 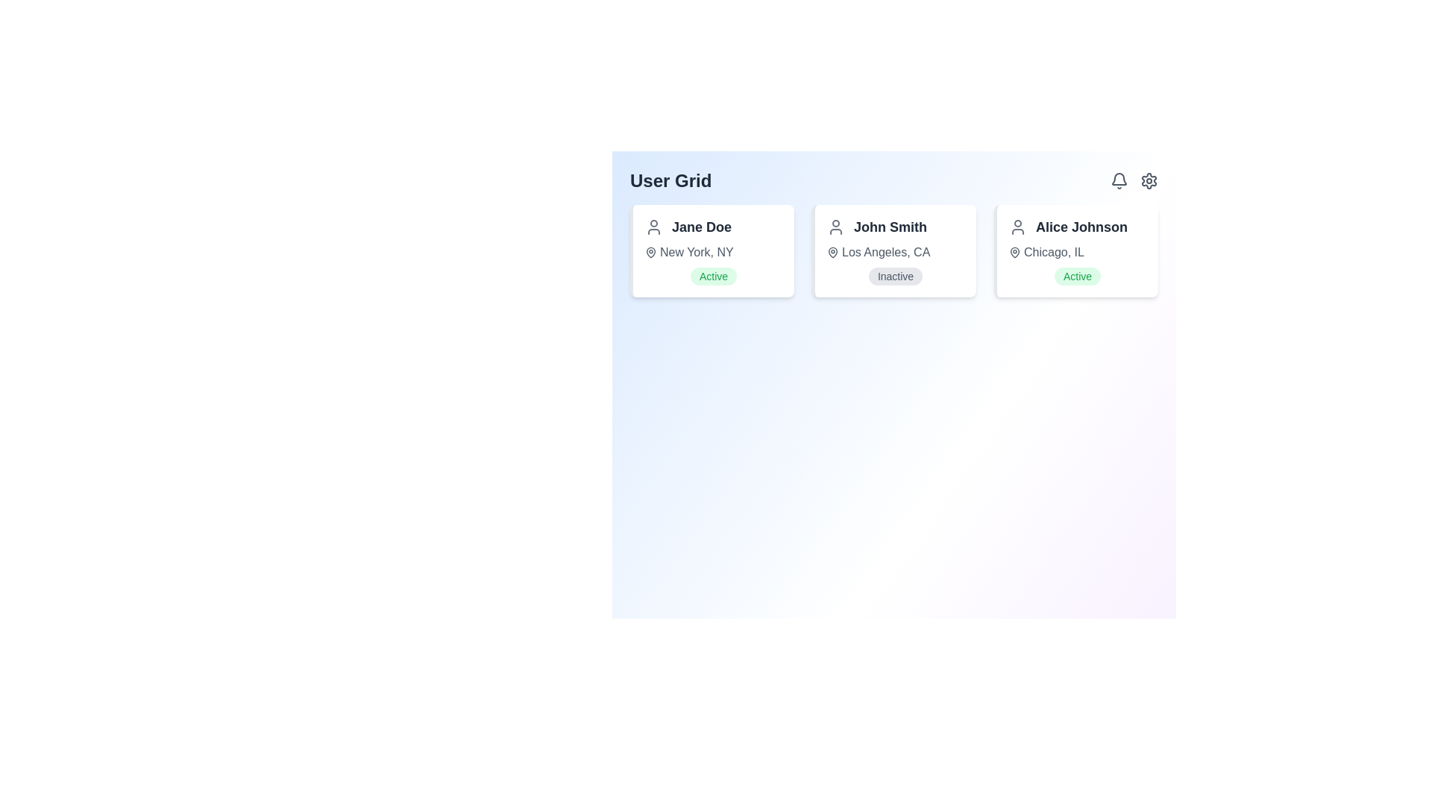 I want to click on the text label 'Alice Johnson' which is styled in bold and larger font at the upper-right corner of the third card, so click(x=1077, y=227).